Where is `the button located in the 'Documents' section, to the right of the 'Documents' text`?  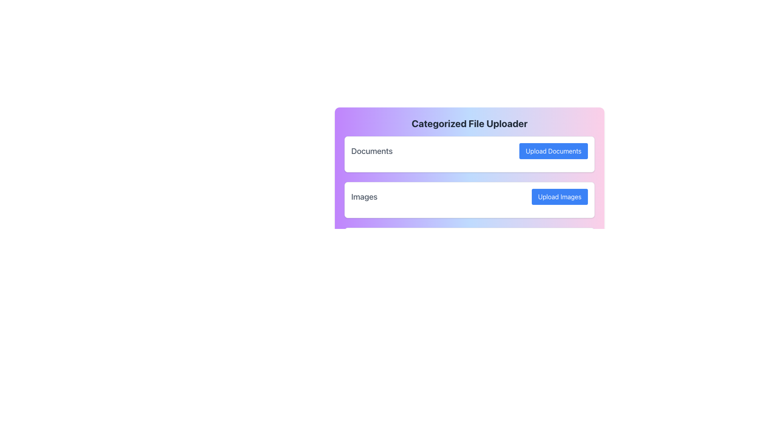 the button located in the 'Documents' section, to the right of the 'Documents' text is located at coordinates (553, 151).